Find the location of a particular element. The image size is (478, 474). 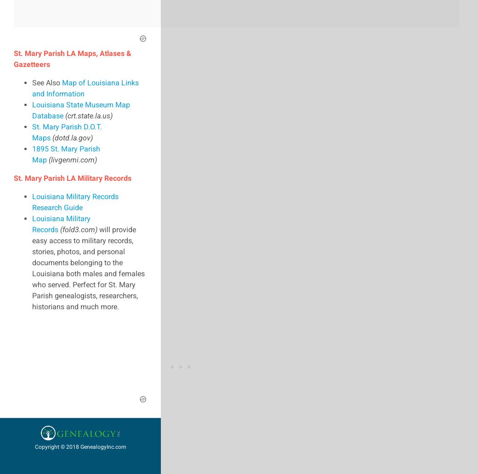

'(livgenmi.com)' is located at coordinates (48, 159).